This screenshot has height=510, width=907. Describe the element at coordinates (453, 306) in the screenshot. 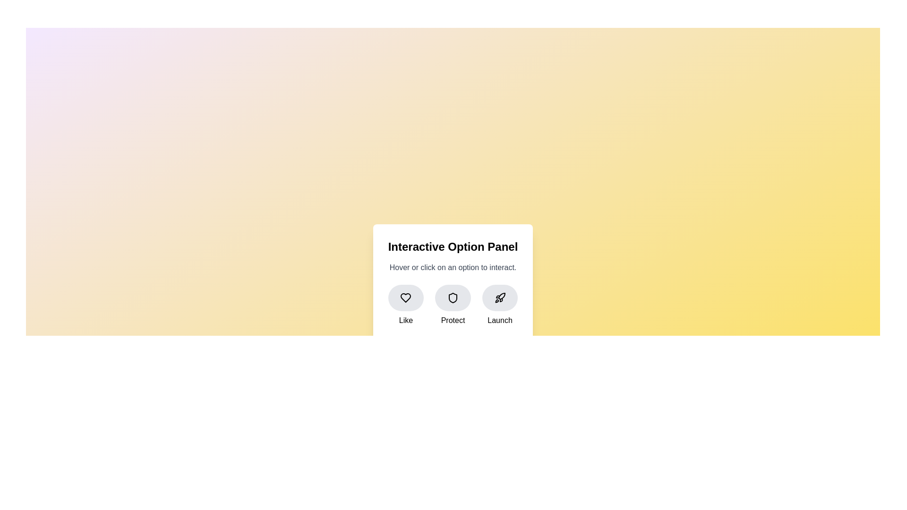

I see `the protection button with an icon and label, located as the center option among three buttons in a grid layout, which also includes 'Like' on the left and 'Launch' on the right` at that location.